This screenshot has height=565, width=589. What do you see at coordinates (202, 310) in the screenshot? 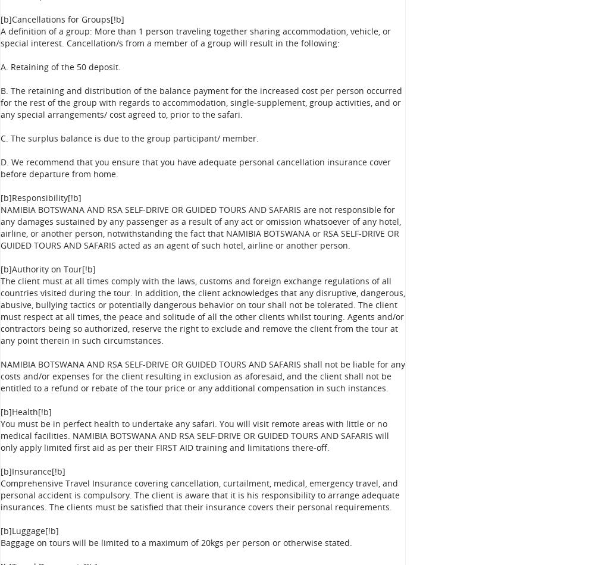
I see `'The client must at all times comply with the laws, customs and foreign exchange regulations of all countries visited during the tour. In addition, the client acknowledges that any disruptive, dangerous, abusive, bullying tactics or potentially dangerous behavior on tour shall not be tolerated. The client must respect at all times, the peace and solitude of all the other clients whilst touring. Agents and/or contractors being so authorized, reserve the right to exclude and remove the client from the tour at any point therein in such circumstances.'` at bounding box center [202, 310].